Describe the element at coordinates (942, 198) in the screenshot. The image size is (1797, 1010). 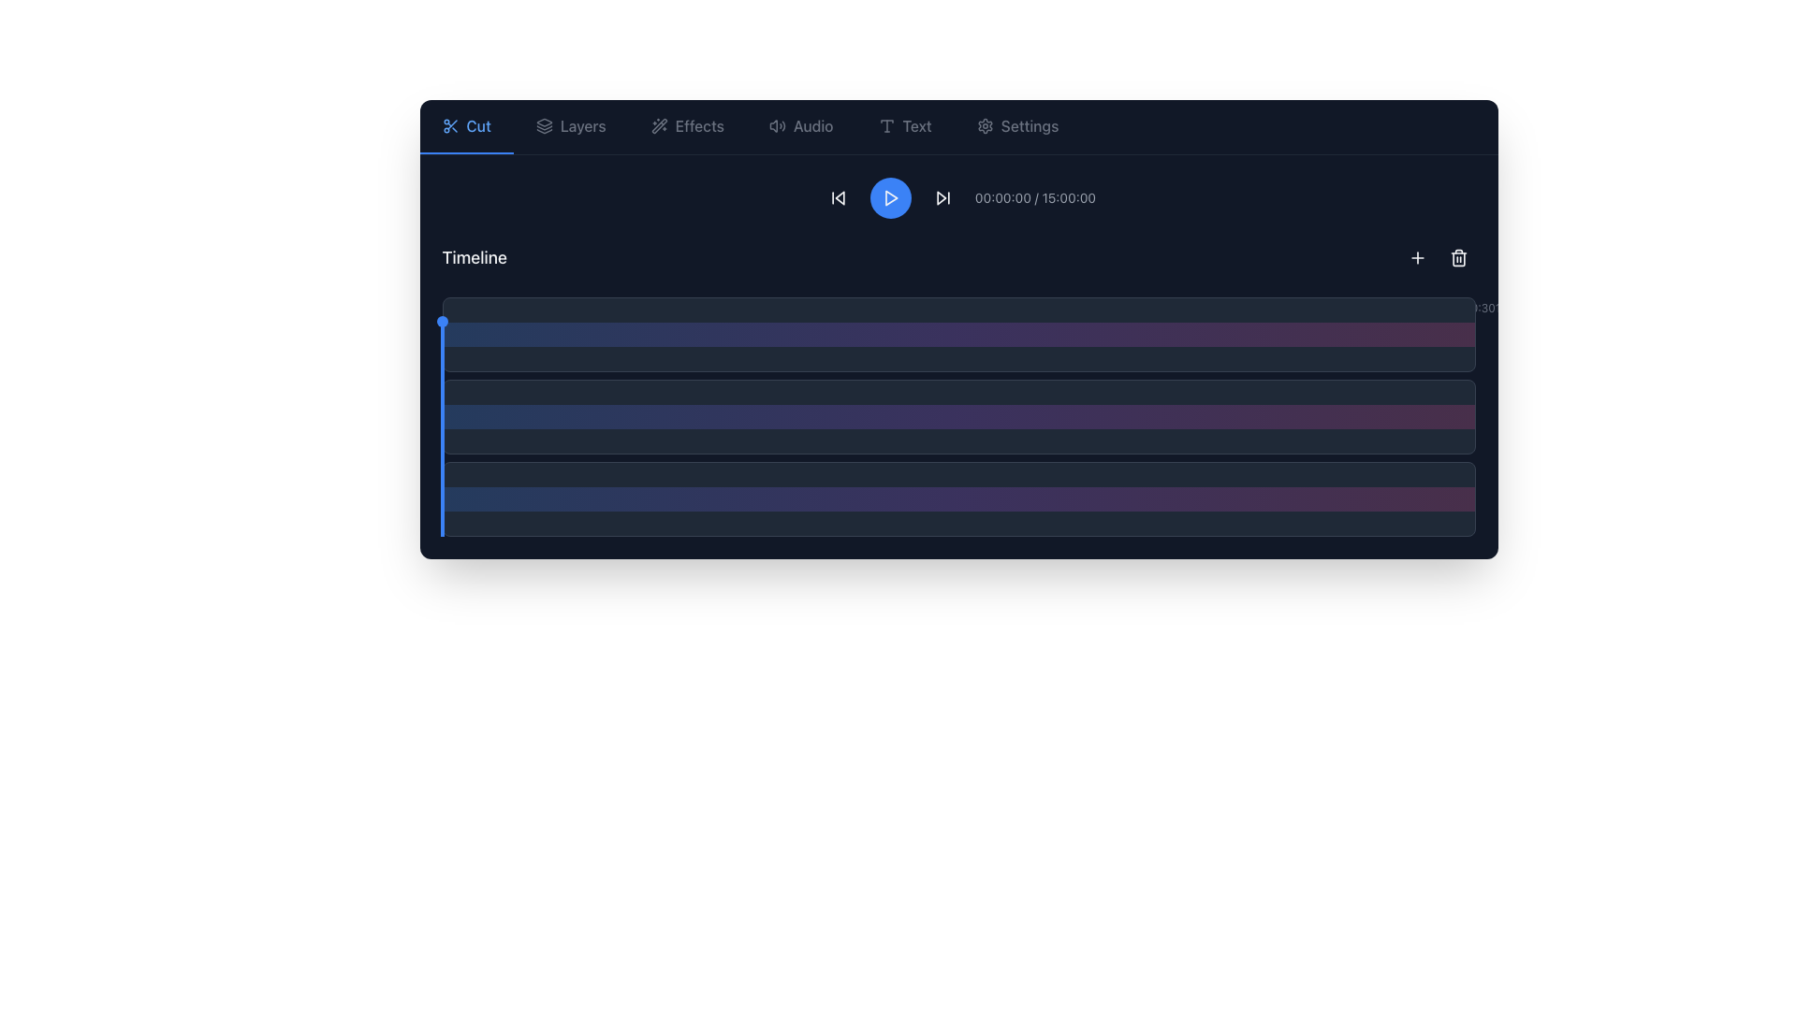
I see `the first component of the 'Skip Forward' button SVG icon located at the top-right of the toolbar, adjacent to the 'Play' button` at that location.